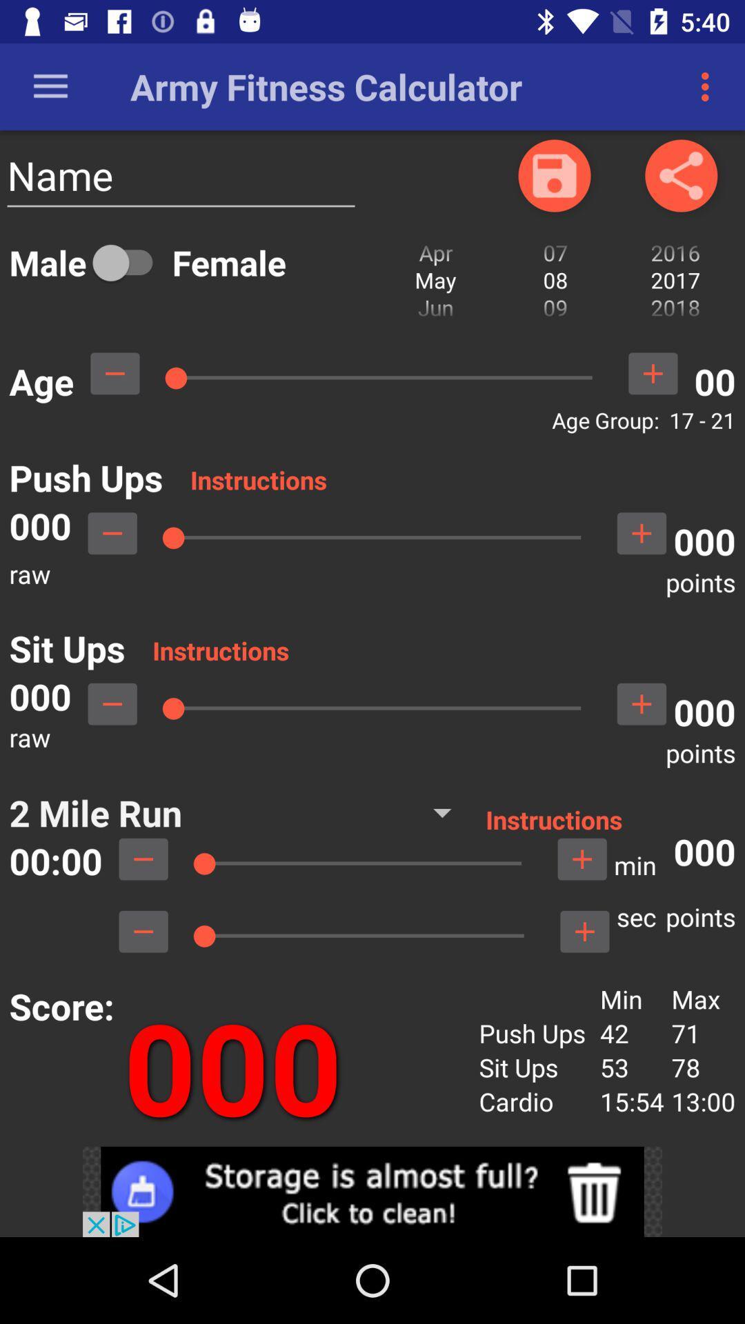 This screenshot has height=1324, width=745. Describe the element at coordinates (642, 704) in the screenshot. I see `selct the button` at that location.